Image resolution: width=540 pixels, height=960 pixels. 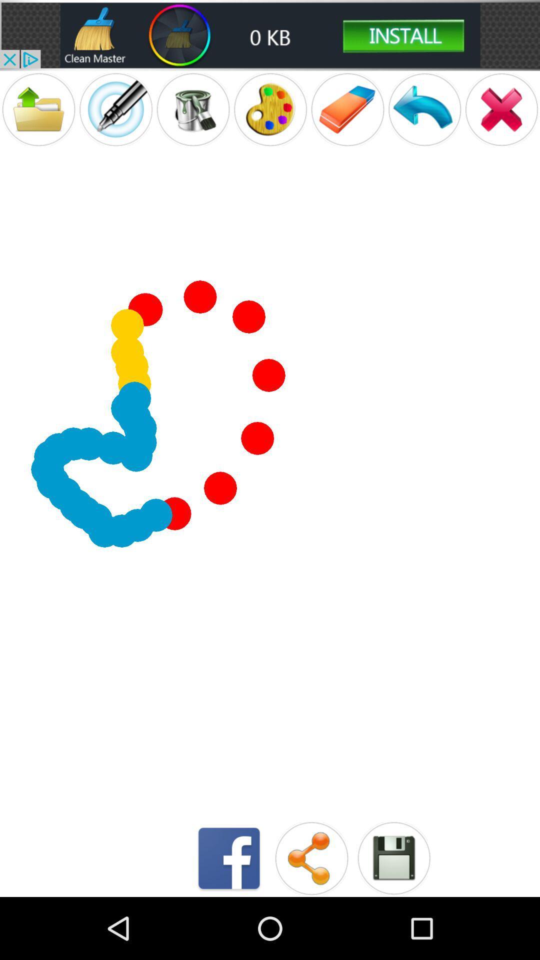 What do you see at coordinates (229, 857) in the screenshot?
I see `facebook` at bounding box center [229, 857].